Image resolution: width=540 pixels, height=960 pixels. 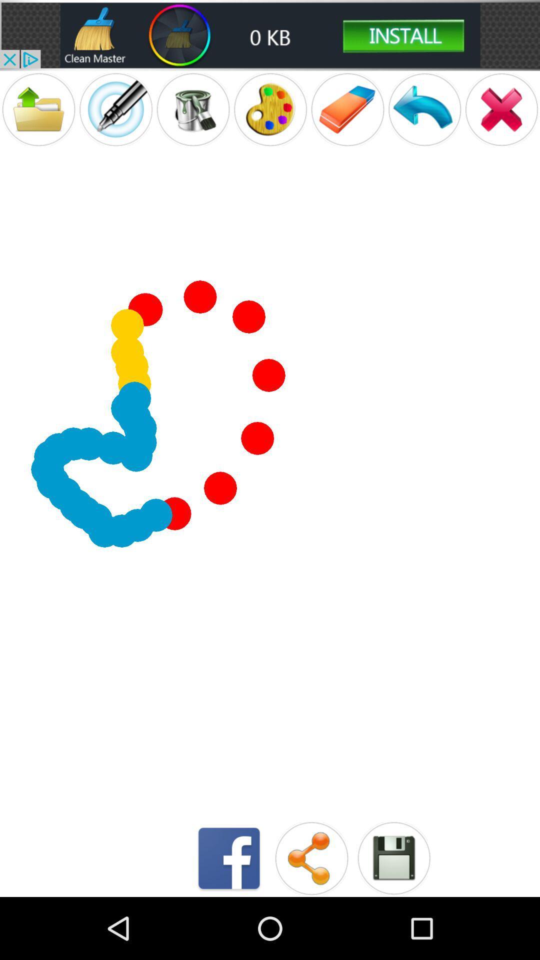 What do you see at coordinates (229, 857) in the screenshot?
I see `facebook` at bounding box center [229, 857].